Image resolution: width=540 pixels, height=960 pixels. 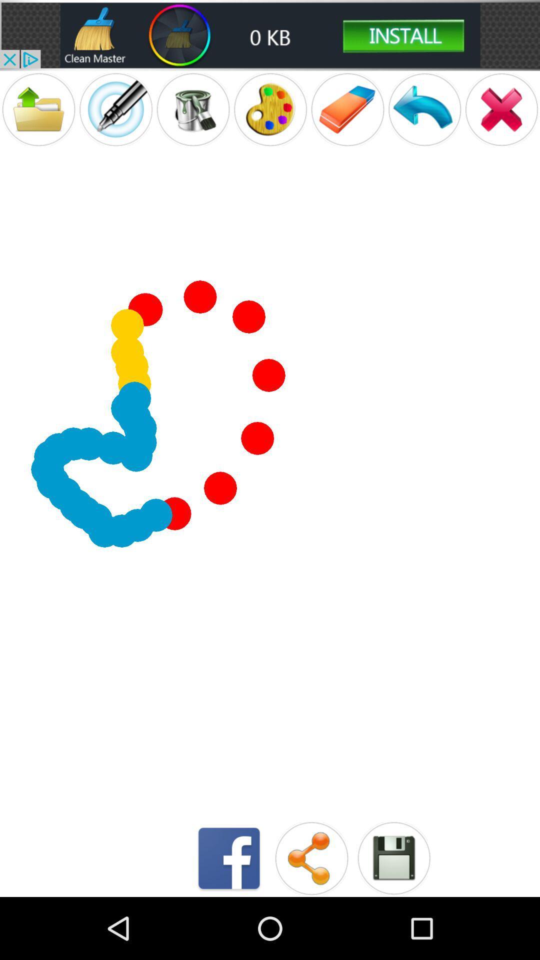 What do you see at coordinates (229, 857) in the screenshot?
I see `facebook` at bounding box center [229, 857].